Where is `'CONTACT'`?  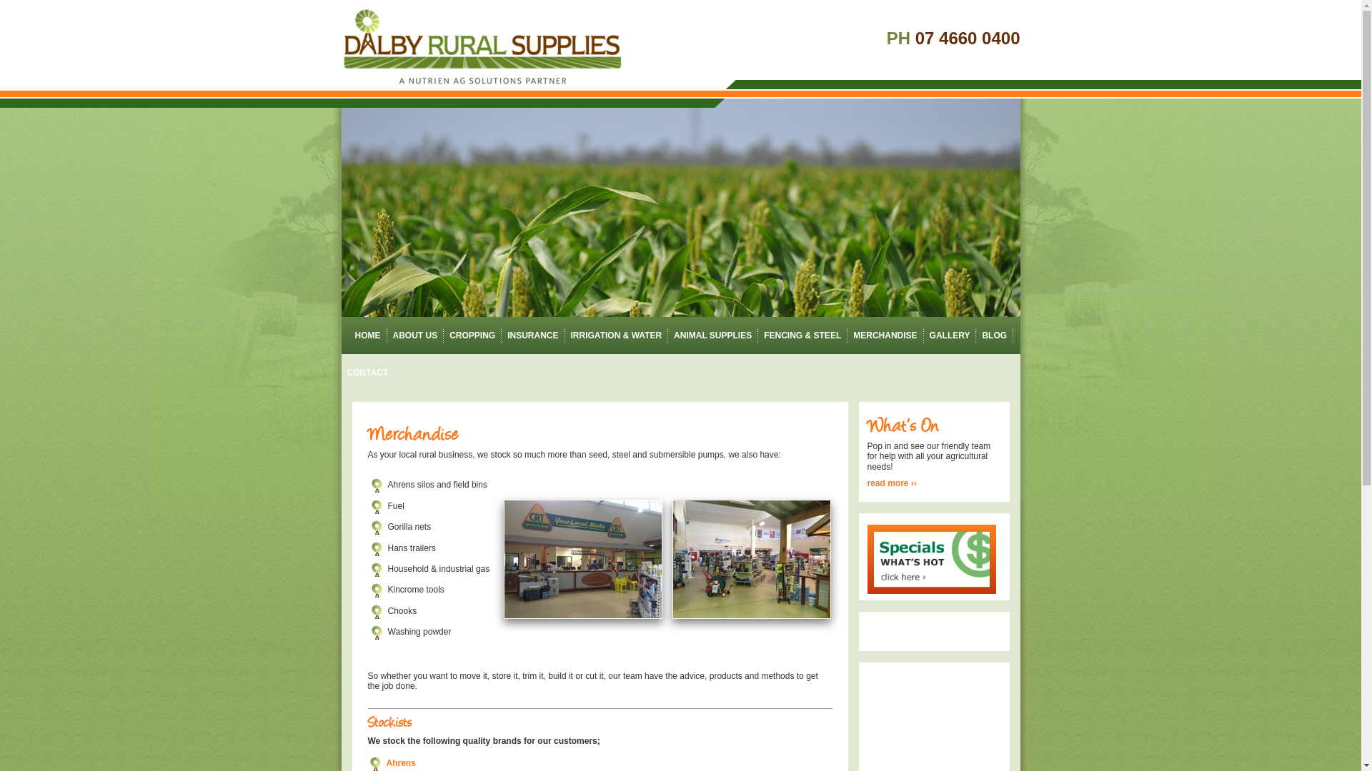 'CONTACT' is located at coordinates (367, 371).